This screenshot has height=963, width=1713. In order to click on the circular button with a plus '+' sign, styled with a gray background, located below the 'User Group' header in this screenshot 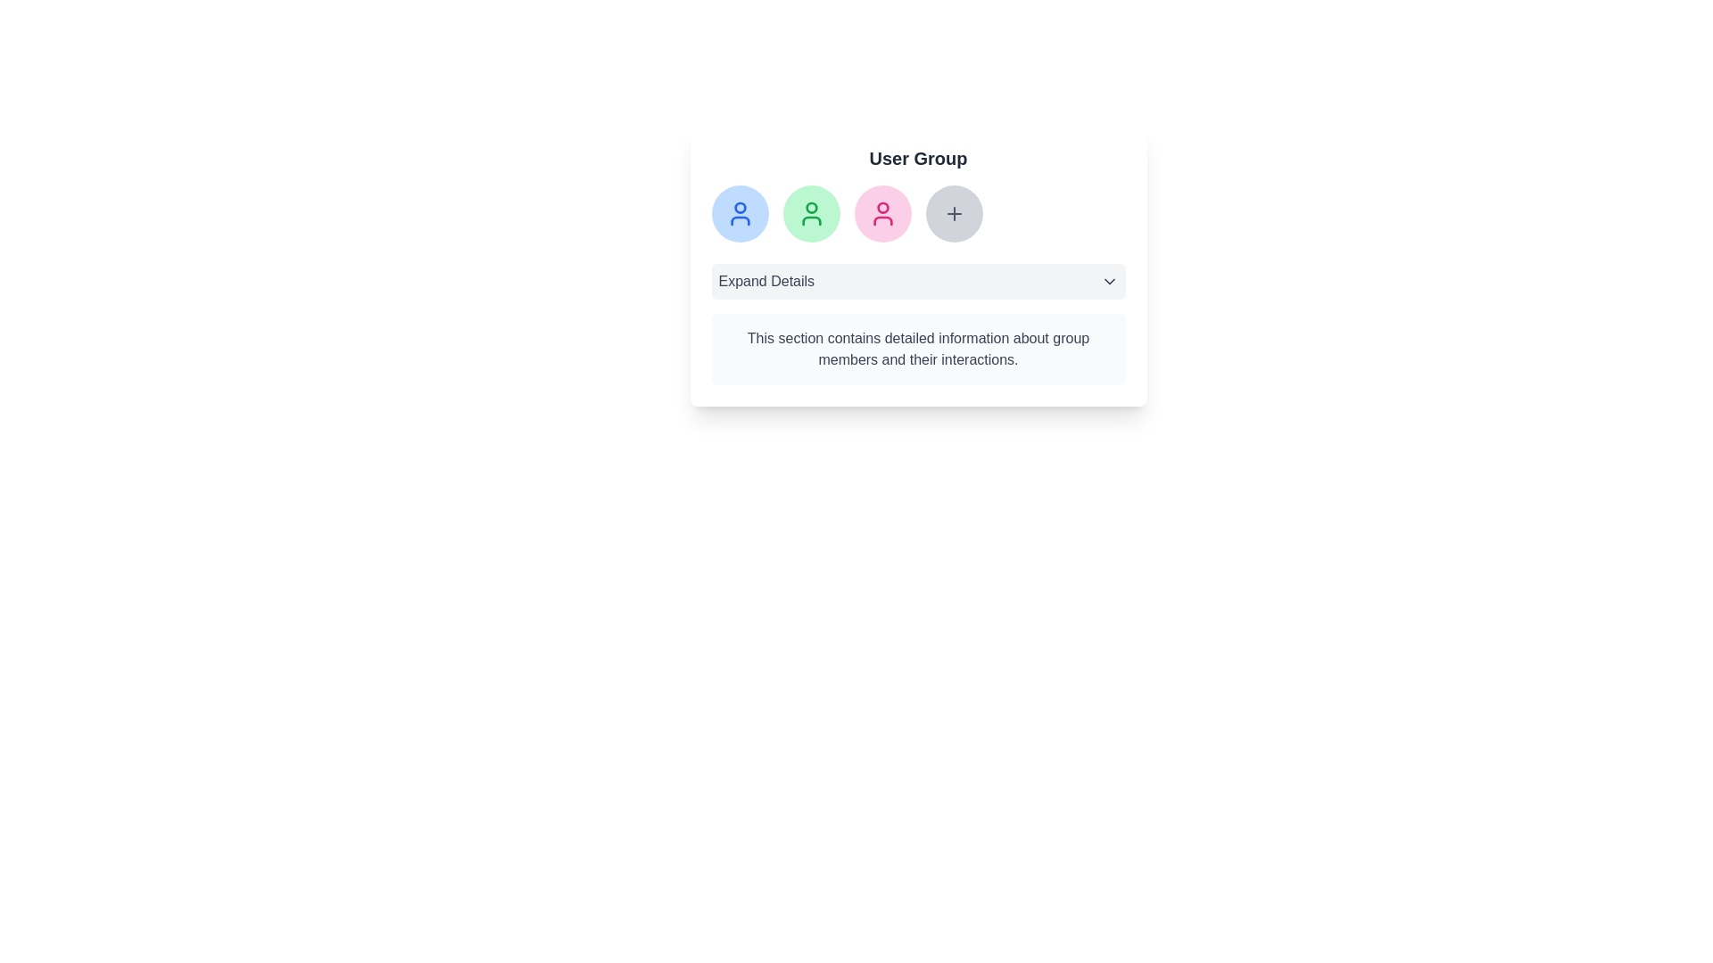, I will do `click(953, 212)`.